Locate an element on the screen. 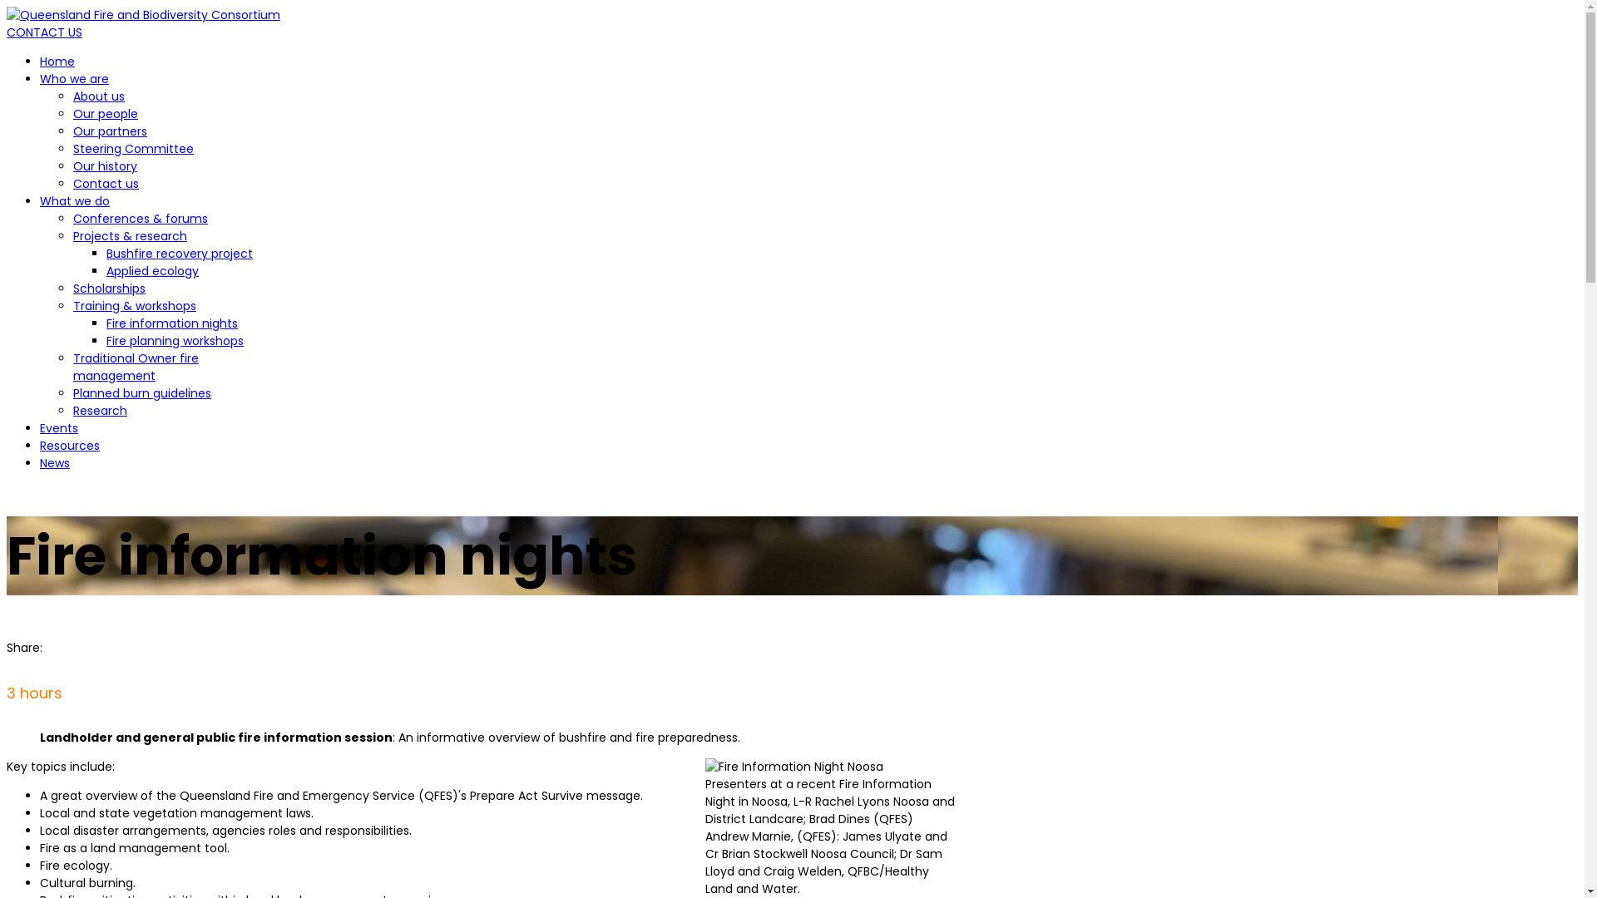 The height and width of the screenshot is (898, 1597). 'Planned burn guidelines' is located at coordinates (72, 393).